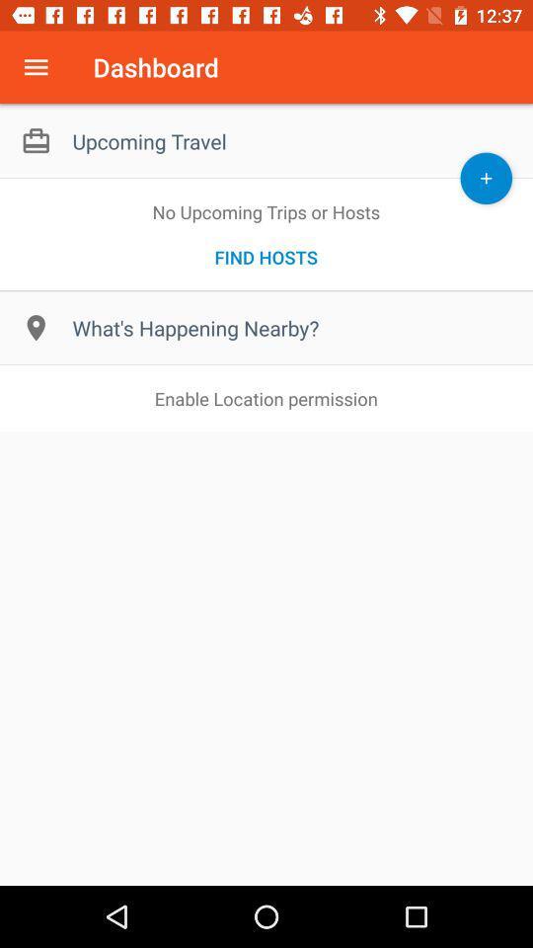 The height and width of the screenshot is (948, 533). What do you see at coordinates (485, 177) in the screenshot?
I see `a topic` at bounding box center [485, 177].